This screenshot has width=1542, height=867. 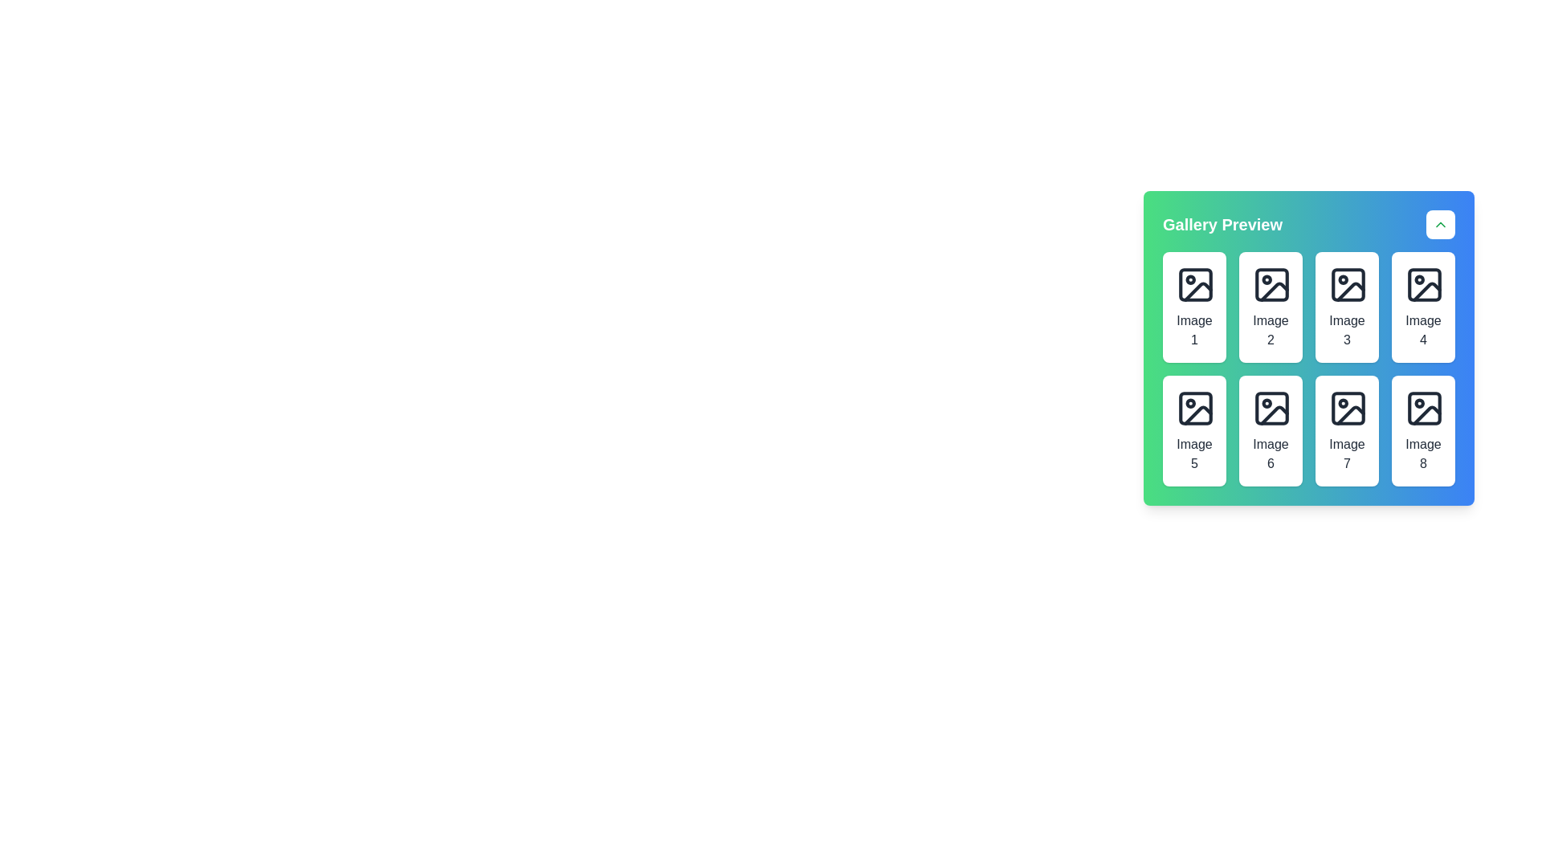 I want to click on the text label reading 'Image 5', which is located in the bottom center of a card in a 2x4 grid layout, positioned below an image icon, so click(x=1194, y=454).